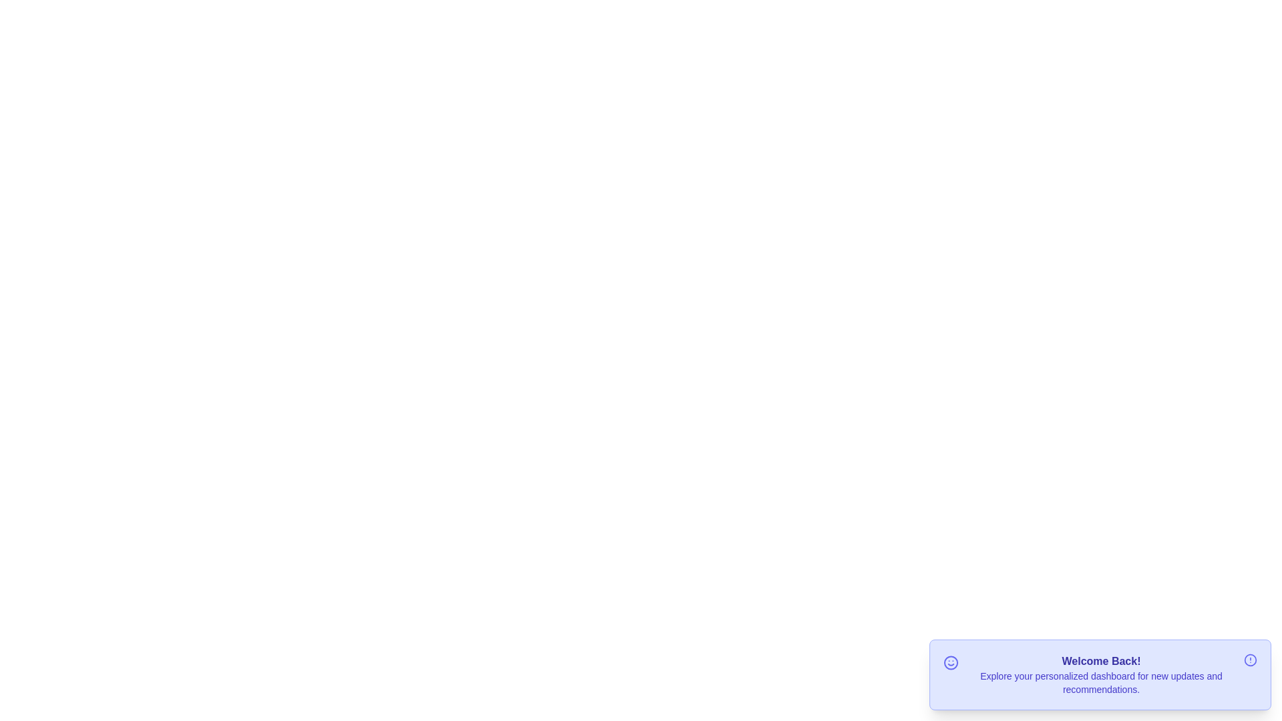 The width and height of the screenshot is (1282, 721). What do you see at coordinates (1202, 669) in the screenshot?
I see `the word 'and' within the notification text` at bounding box center [1202, 669].